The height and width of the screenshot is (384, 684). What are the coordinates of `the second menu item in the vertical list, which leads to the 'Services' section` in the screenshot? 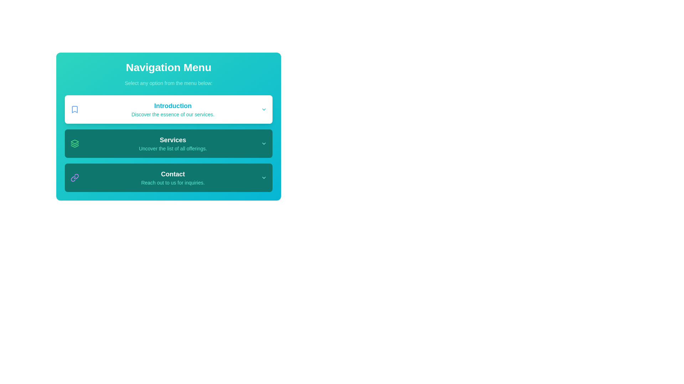 It's located at (168, 144).